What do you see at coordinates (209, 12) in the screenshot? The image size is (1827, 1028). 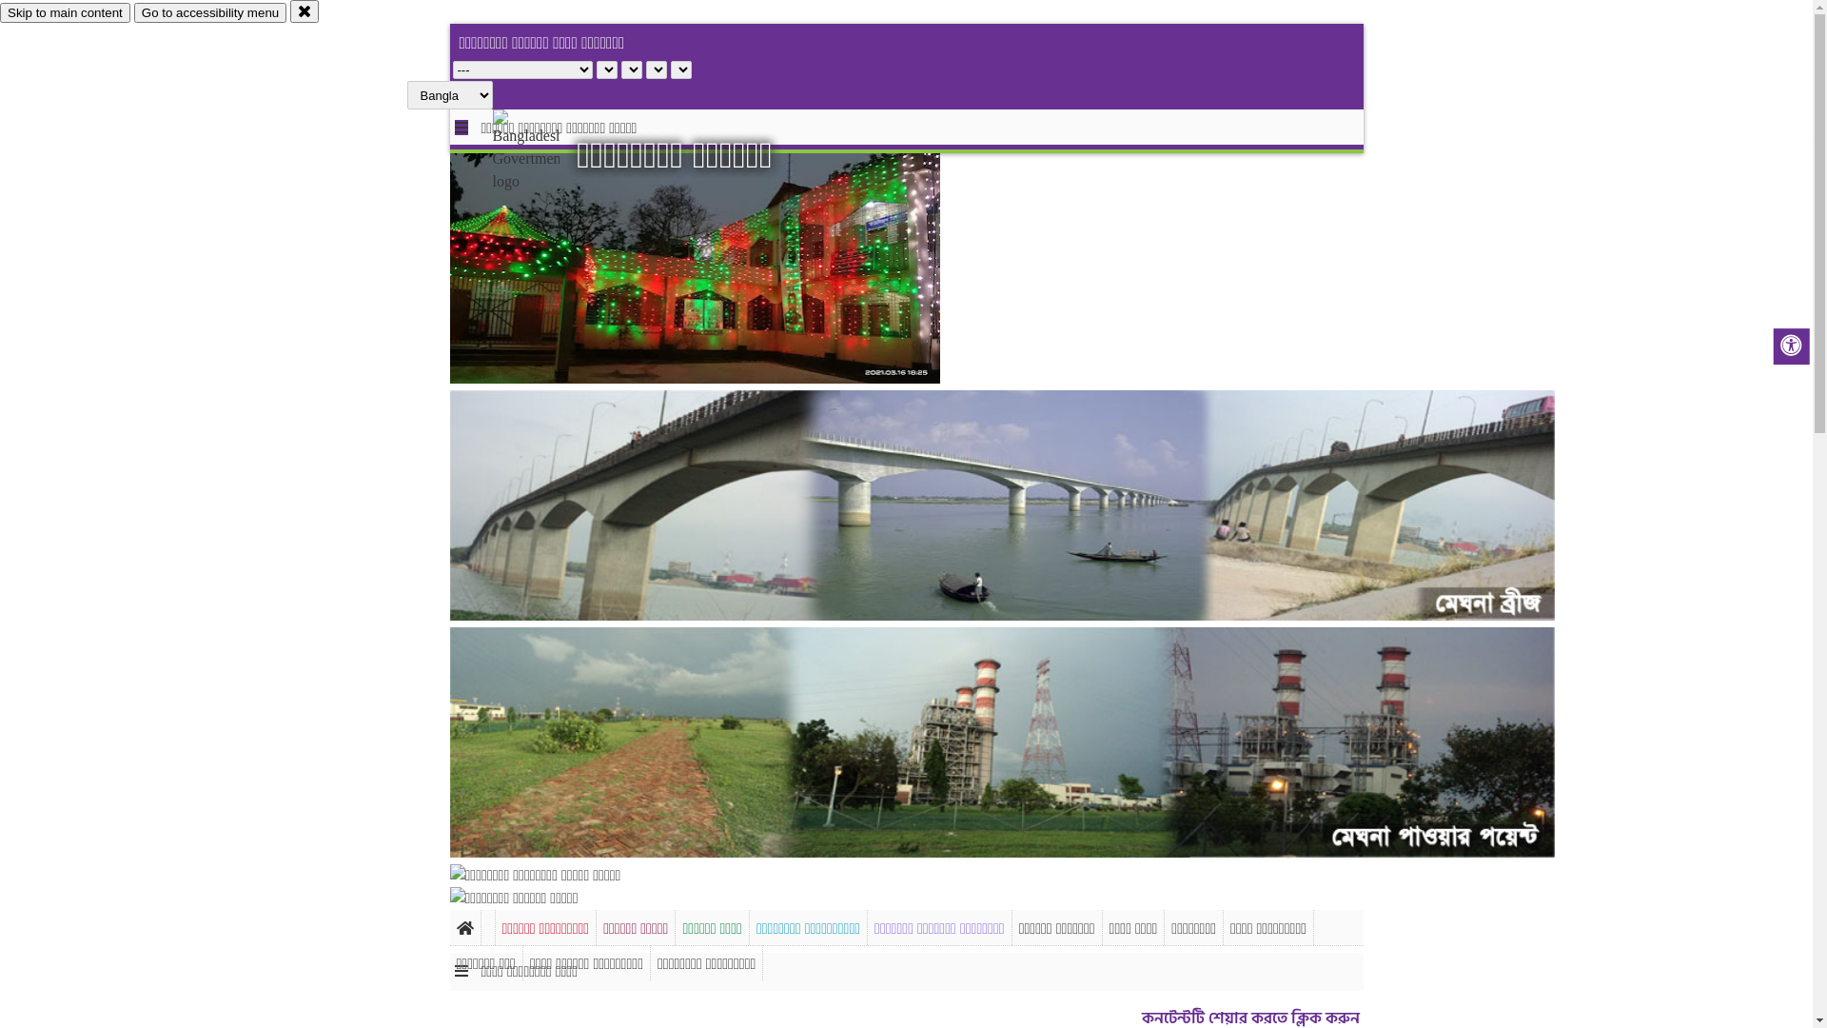 I see `'Go to accessibility menu'` at bounding box center [209, 12].